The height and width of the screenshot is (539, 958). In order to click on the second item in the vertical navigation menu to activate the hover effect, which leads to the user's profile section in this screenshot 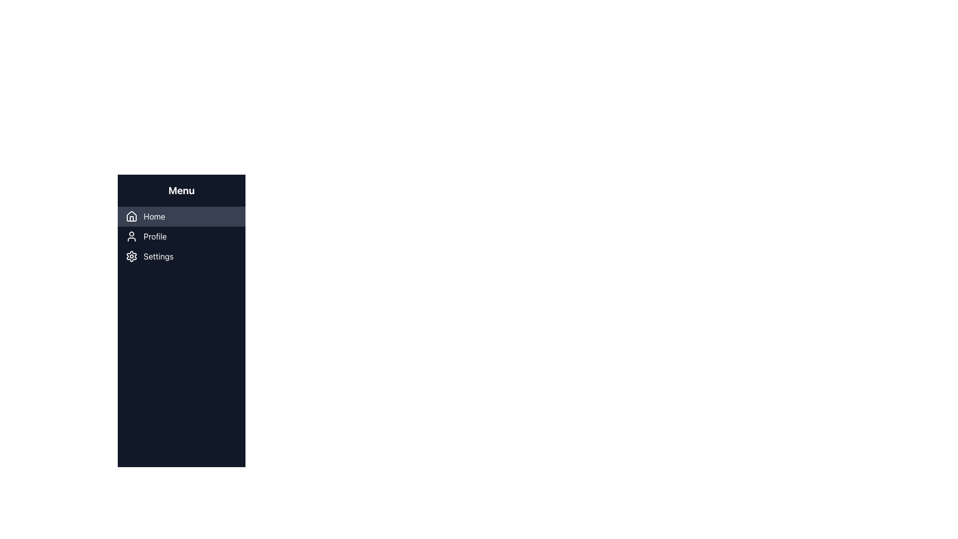, I will do `click(182, 237)`.